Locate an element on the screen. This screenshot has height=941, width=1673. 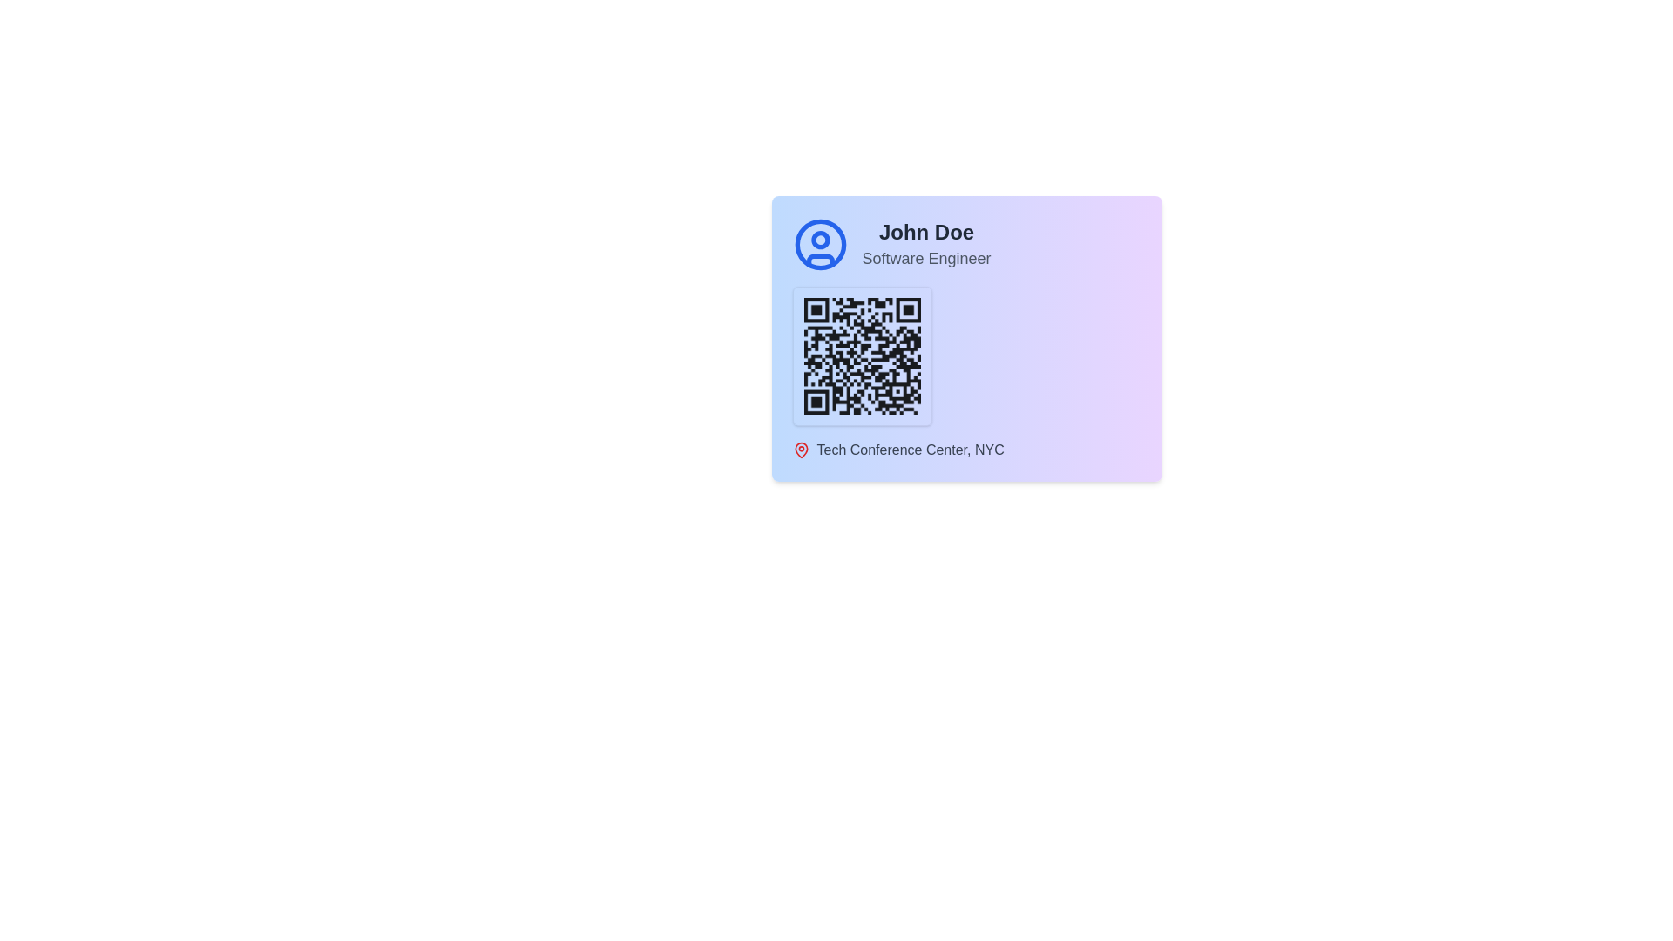
user details in the Profile Card Section, which contains a user icon and text for 'John Doe' and 'Software Engineer' is located at coordinates (965, 245).